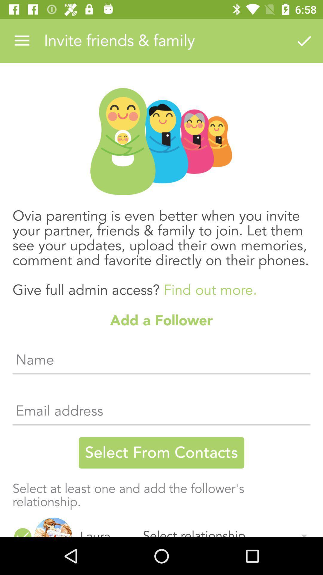  Describe the element at coordinates (304, 40) in the screenshot. I see `item above the ovia parenting is item` at that location.